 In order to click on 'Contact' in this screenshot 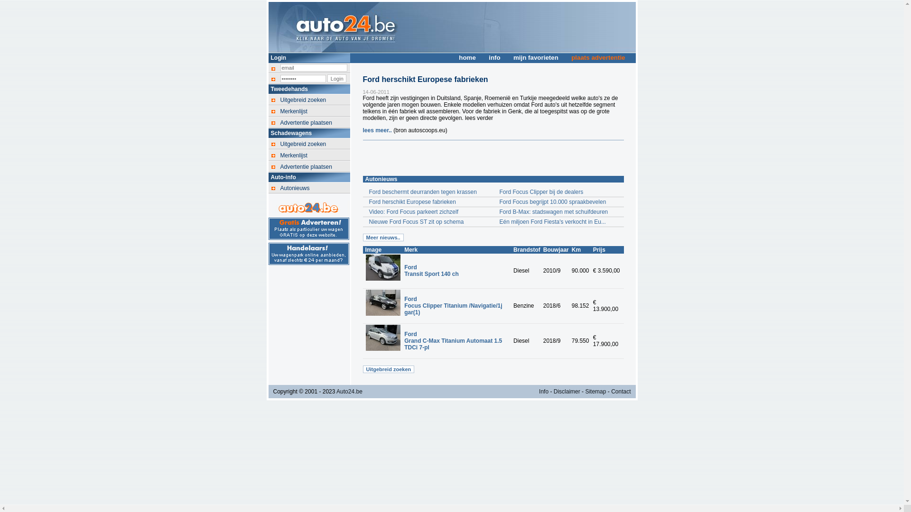, I will do `click(611, 391)`.